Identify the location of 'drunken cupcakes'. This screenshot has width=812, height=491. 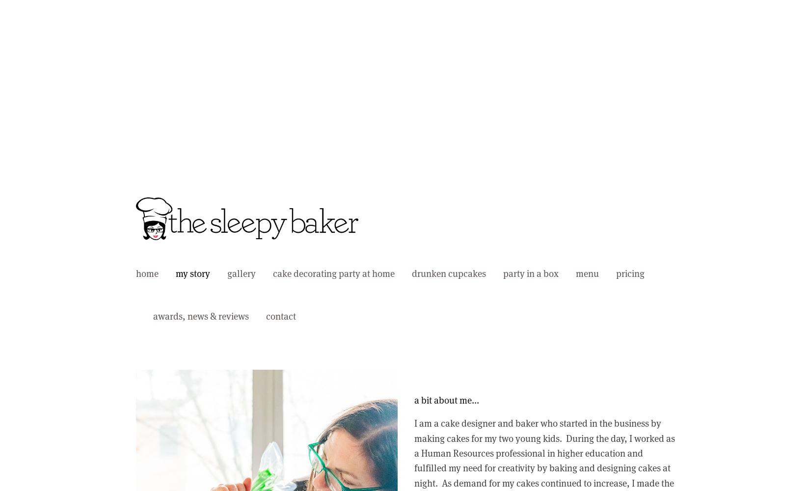
(448, 273).